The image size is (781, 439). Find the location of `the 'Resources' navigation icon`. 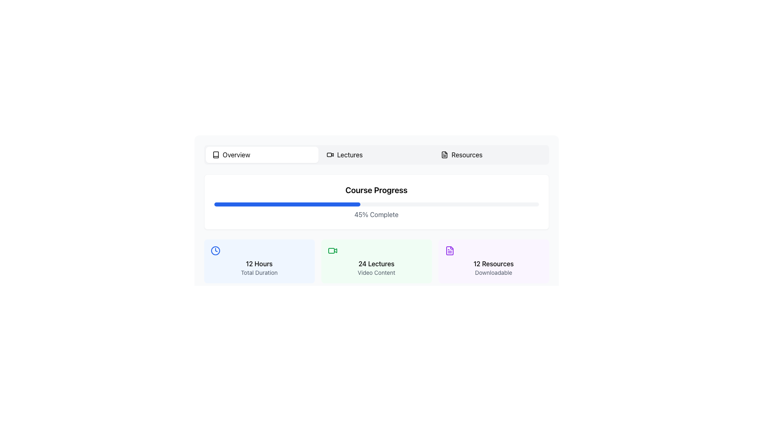

the 'Resources' navigation icon is located at coordinates (444, 155).